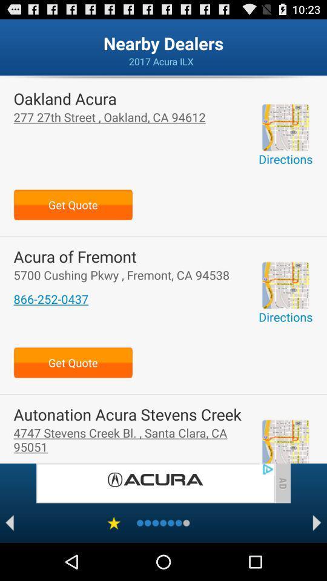 The height and width of the screenshot is (581, 327). Describe the element at coordinates (155, 483) in the screenshot. I see `the advertisement` at that location.